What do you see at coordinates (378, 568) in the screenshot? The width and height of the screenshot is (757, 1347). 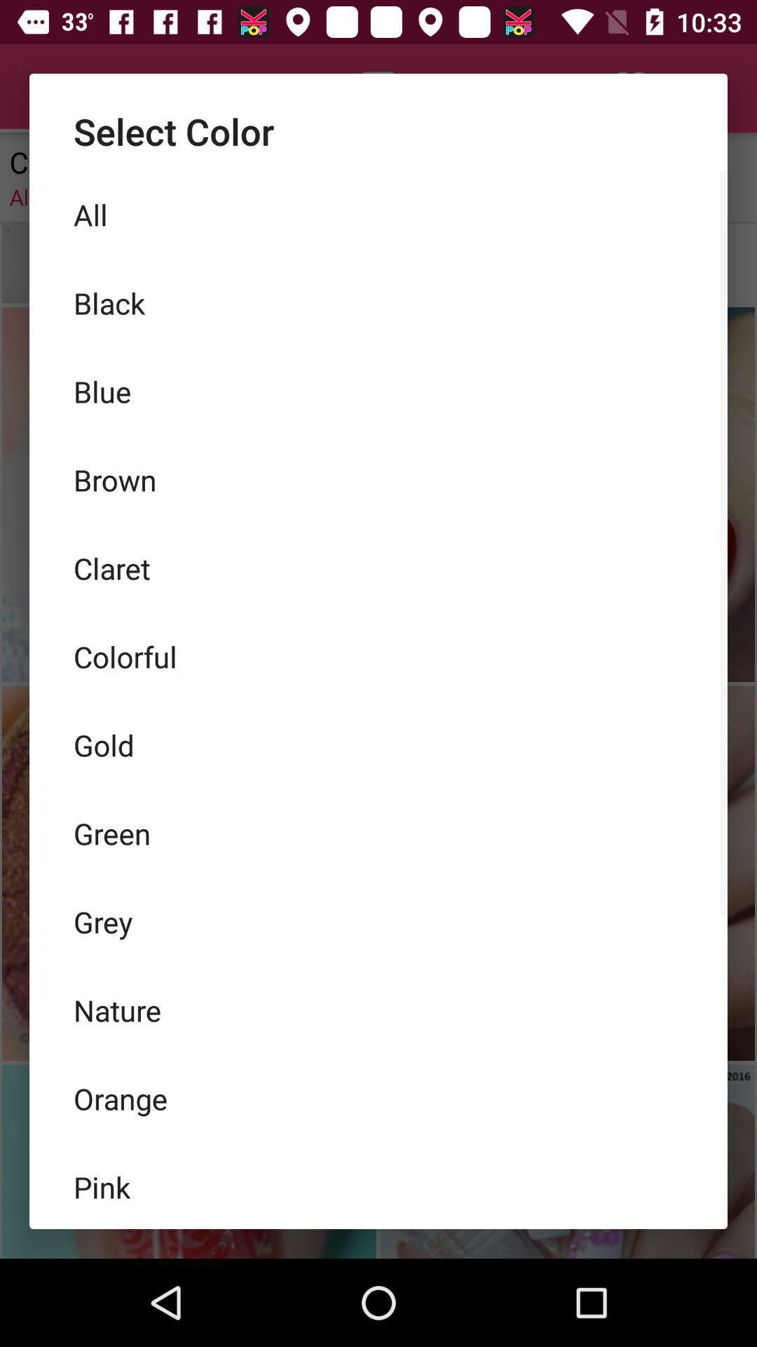 I see `the claret item` at bounding box center [378, 568].